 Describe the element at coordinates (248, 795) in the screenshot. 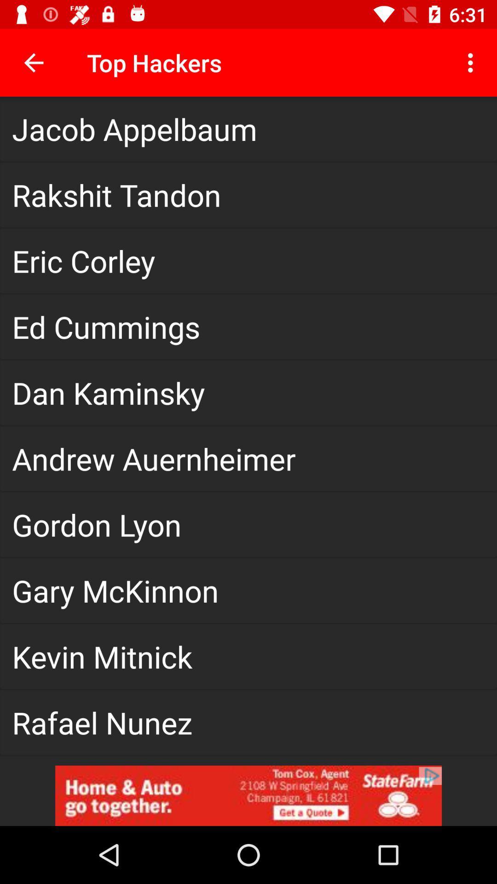

I see `click on advertisement` at that location.